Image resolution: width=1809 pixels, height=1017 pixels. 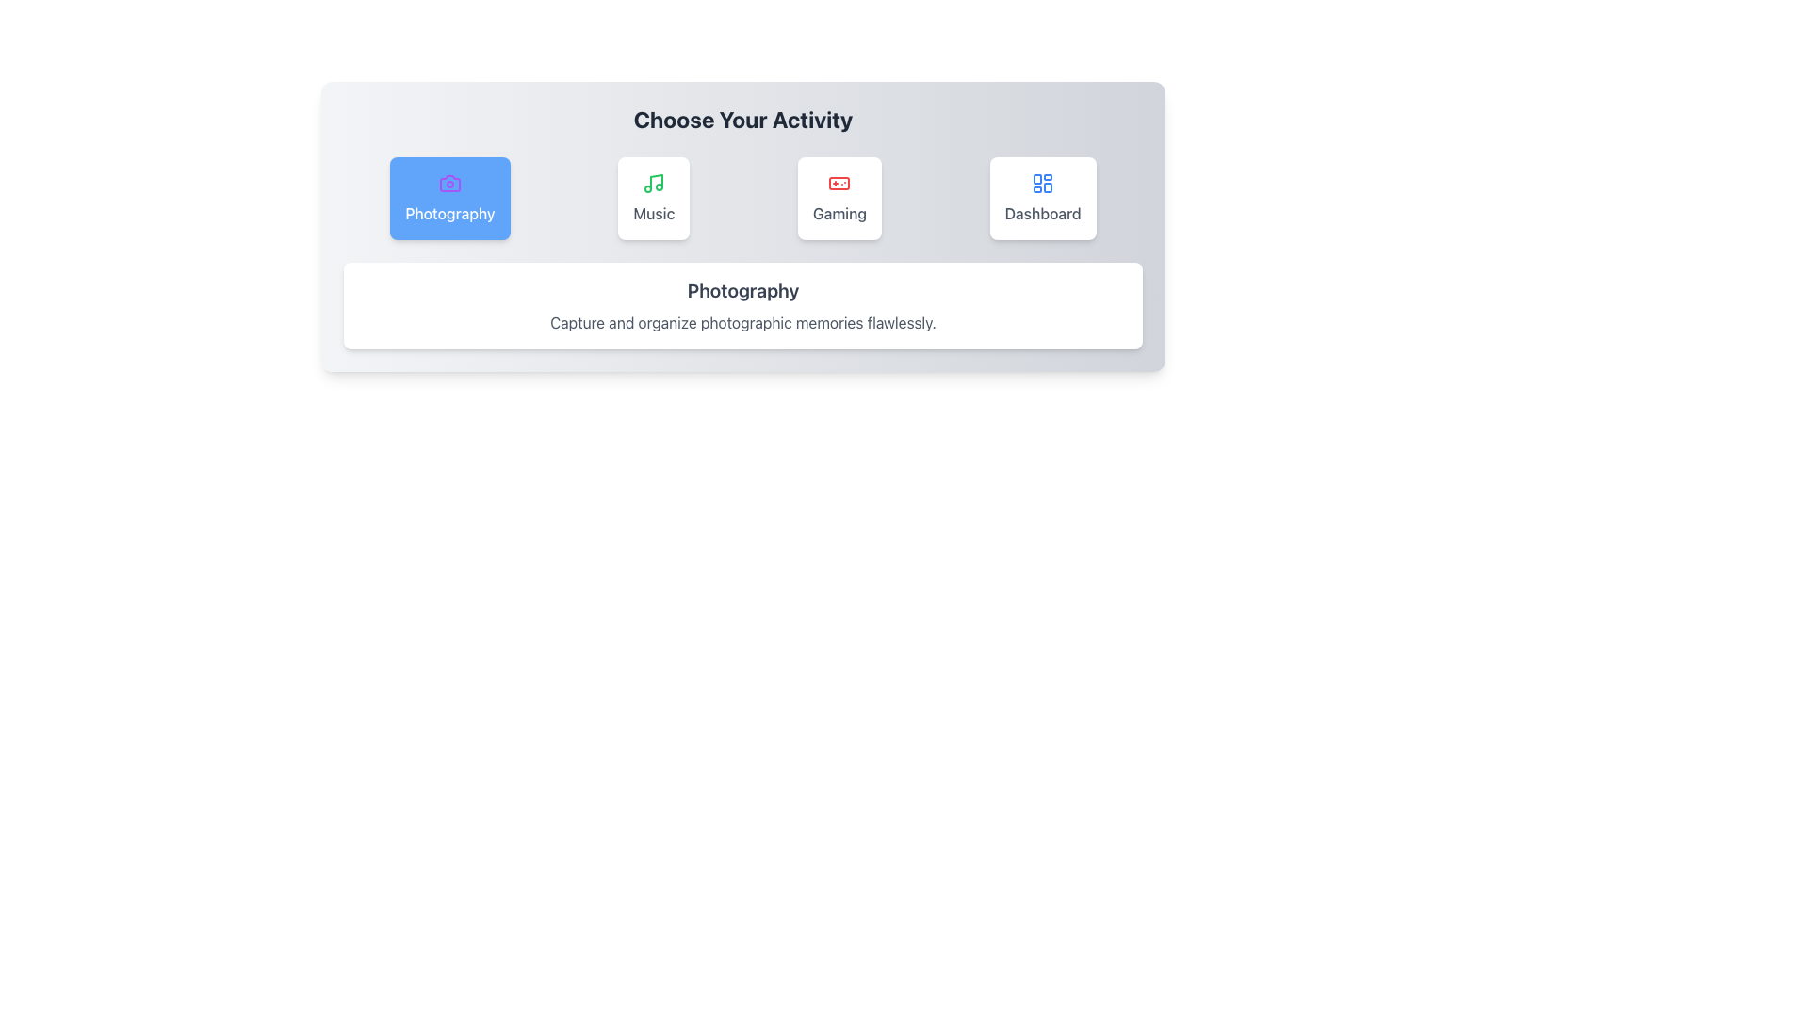 What do you see at coordinates (449, 199) in the screenshot?
I see `the first clickable button labeled 'Photography' with a blue background and a purple camera icon` at bounding box center [449, 199].